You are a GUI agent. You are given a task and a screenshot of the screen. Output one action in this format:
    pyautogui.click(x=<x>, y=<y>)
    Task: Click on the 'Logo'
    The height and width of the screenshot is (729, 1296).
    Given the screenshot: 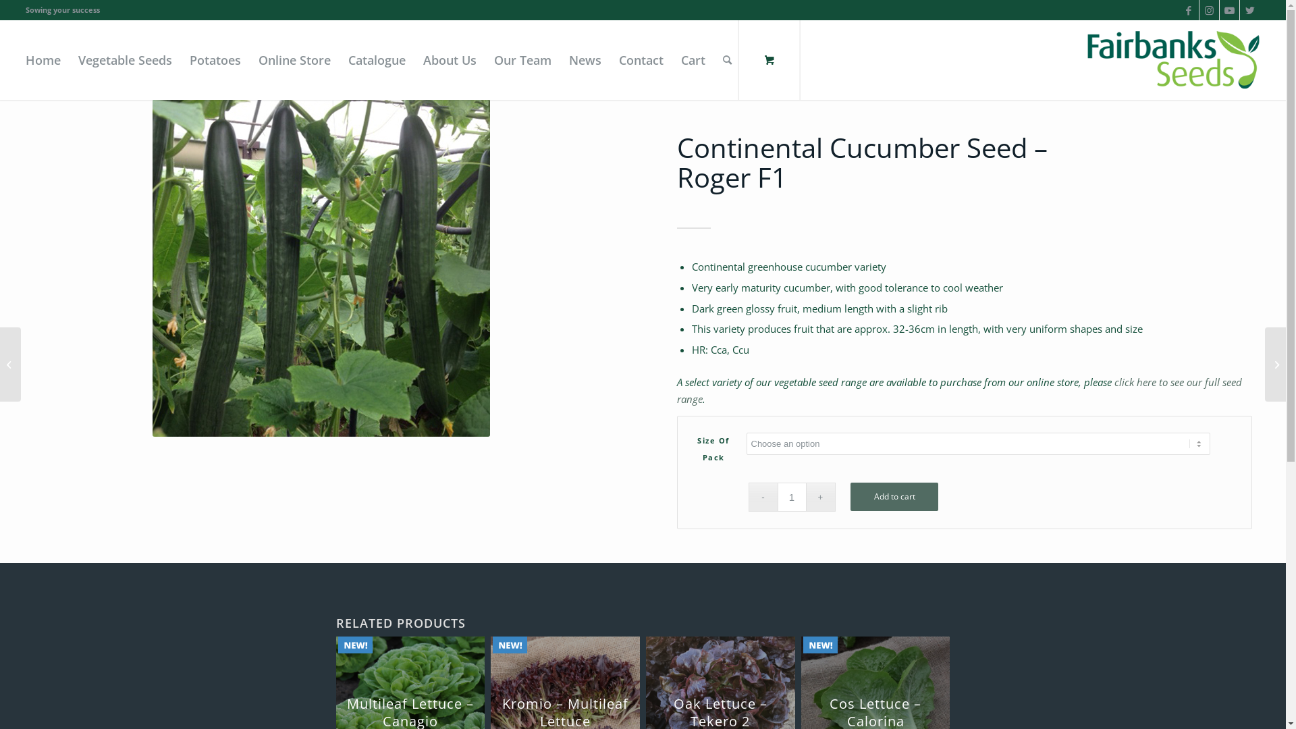 What is the action you would take?
    pyautogui.click(x=1172, y=59)
    